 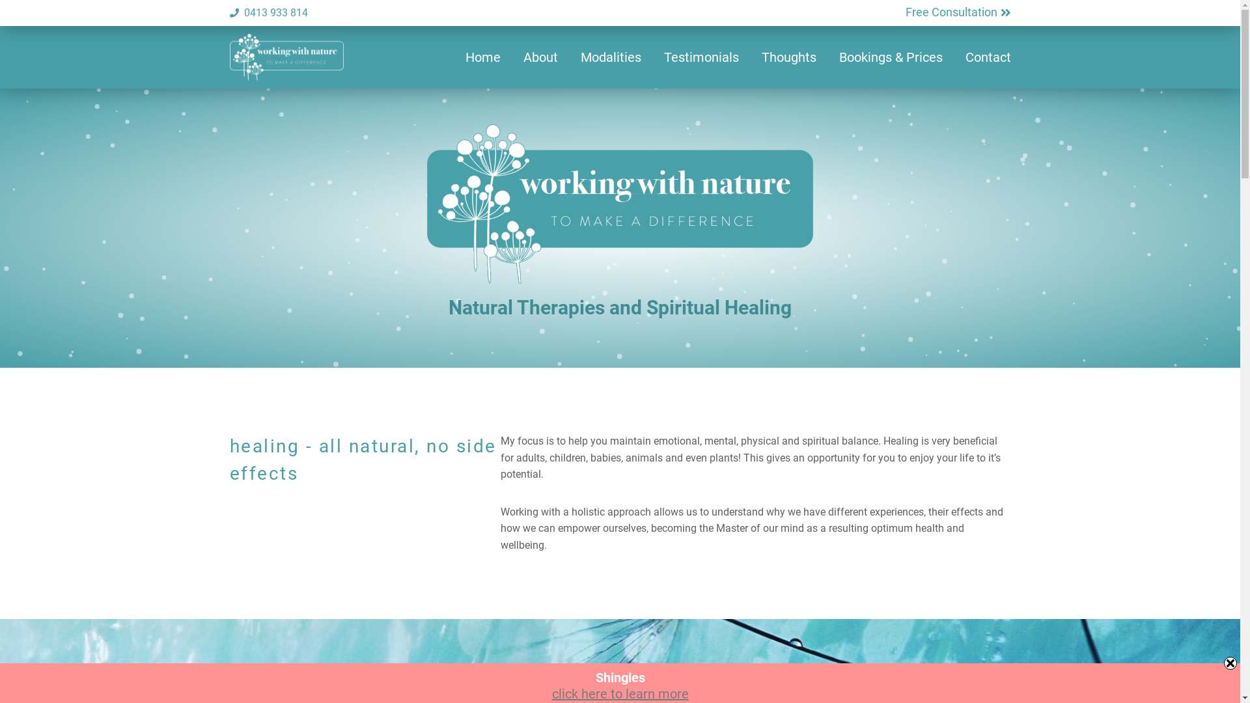 What do you see at coordinates (957, 12) in the screenshot?
I see `'Free Consultation'` at bounding box center [957, 12].